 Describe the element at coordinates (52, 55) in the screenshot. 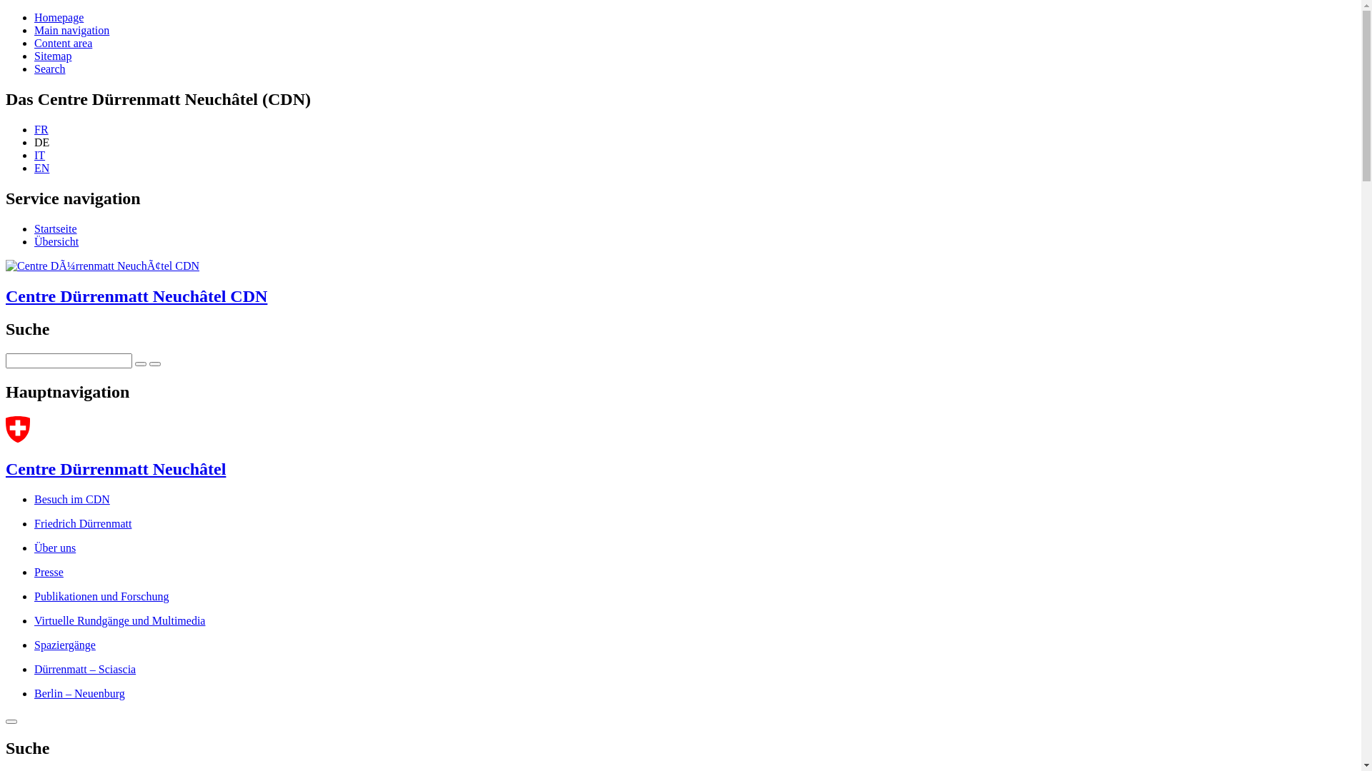

I see `'Sitemap'` at that location.